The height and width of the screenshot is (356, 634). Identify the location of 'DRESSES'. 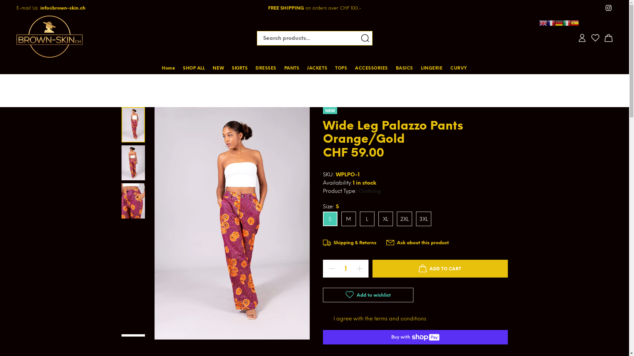
(266, 68).